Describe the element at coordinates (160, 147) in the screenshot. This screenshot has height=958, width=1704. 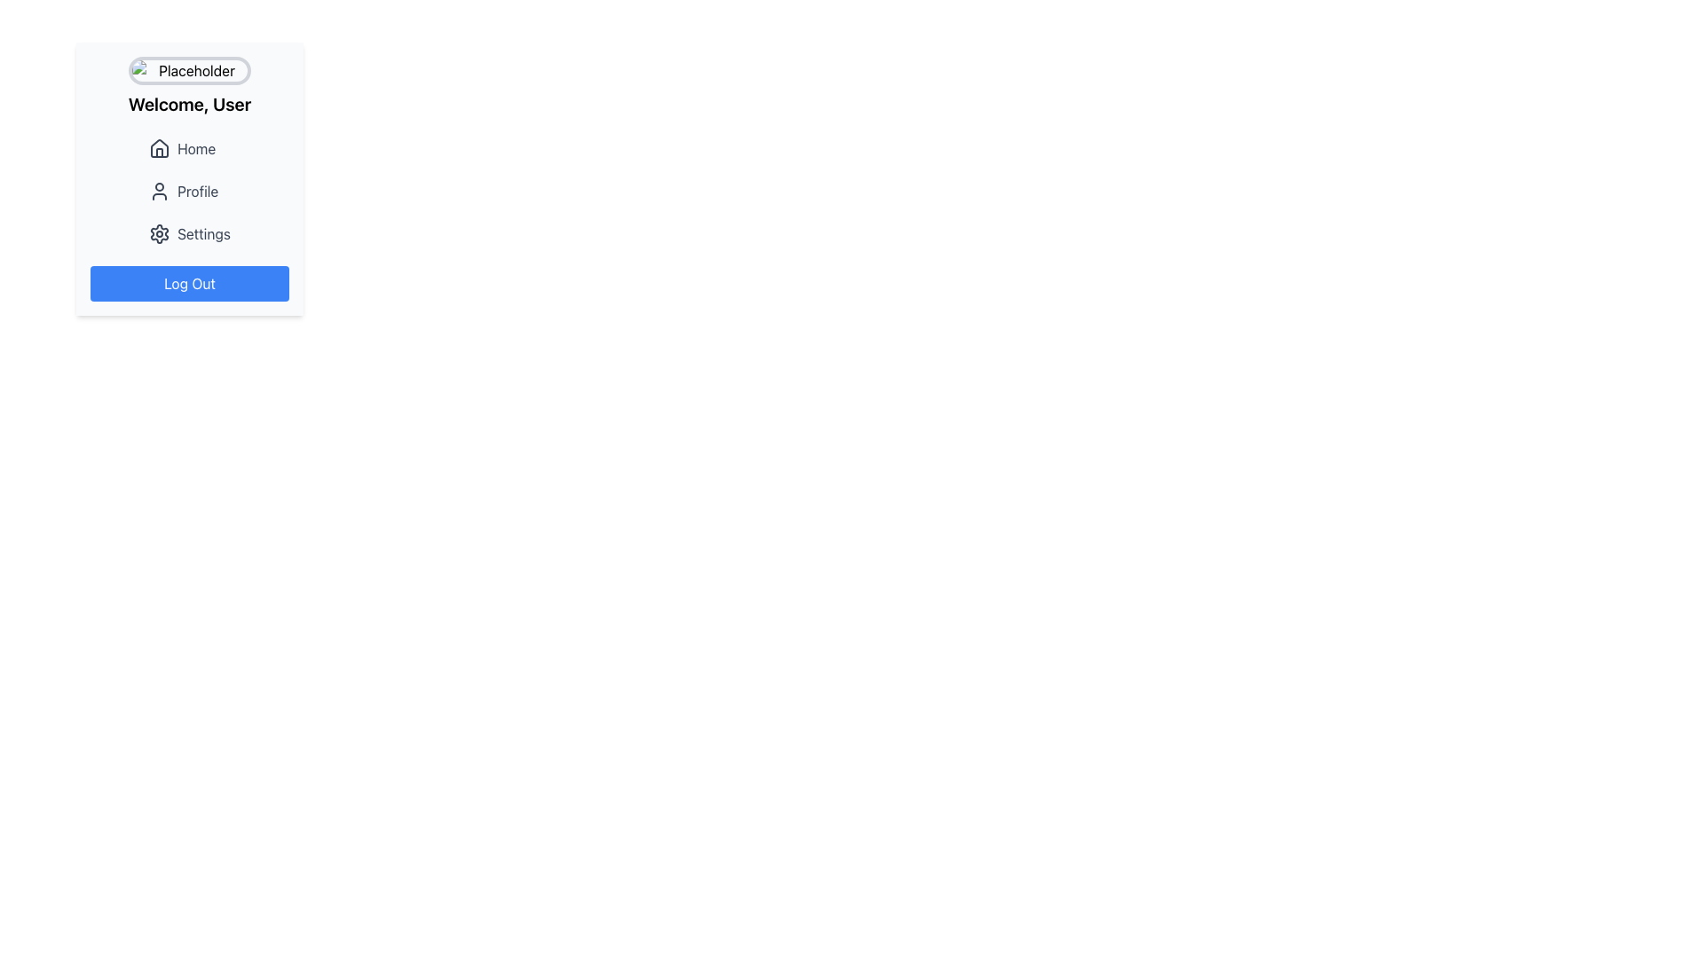
I see `the decorative home icon located in the top-left corner of the side menu, which visually represents the 'Home' action` at that location.